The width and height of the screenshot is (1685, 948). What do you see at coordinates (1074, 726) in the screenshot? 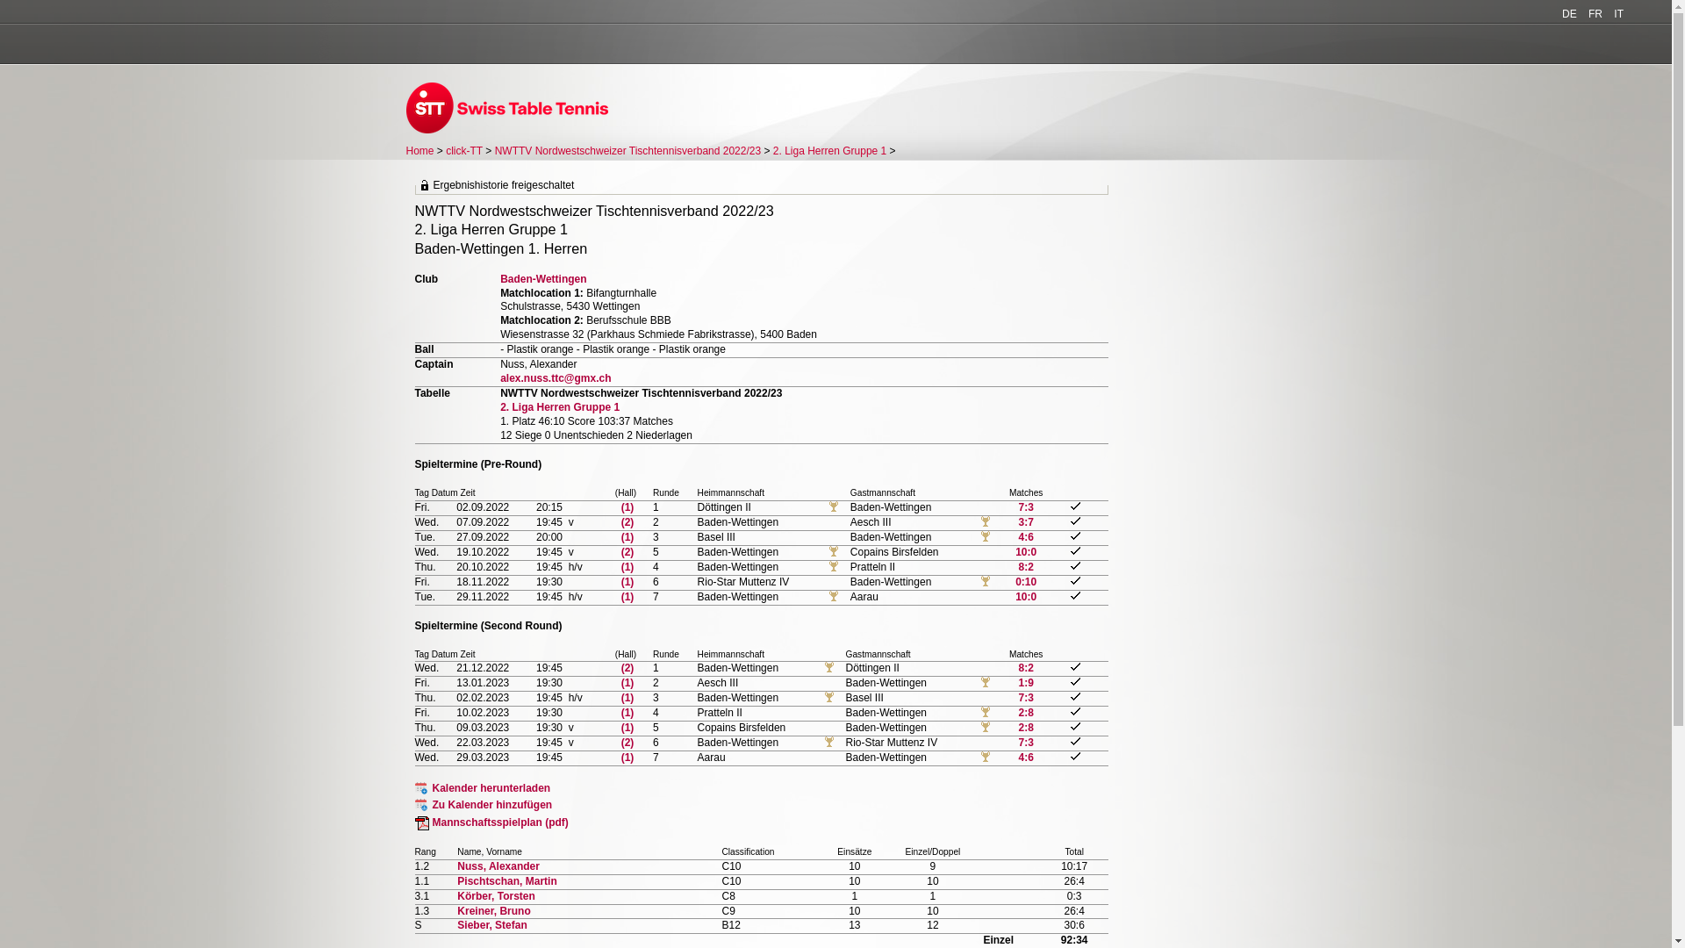
I see `'Spielbericht genehmigt'` at bounding box center [1074, 726].